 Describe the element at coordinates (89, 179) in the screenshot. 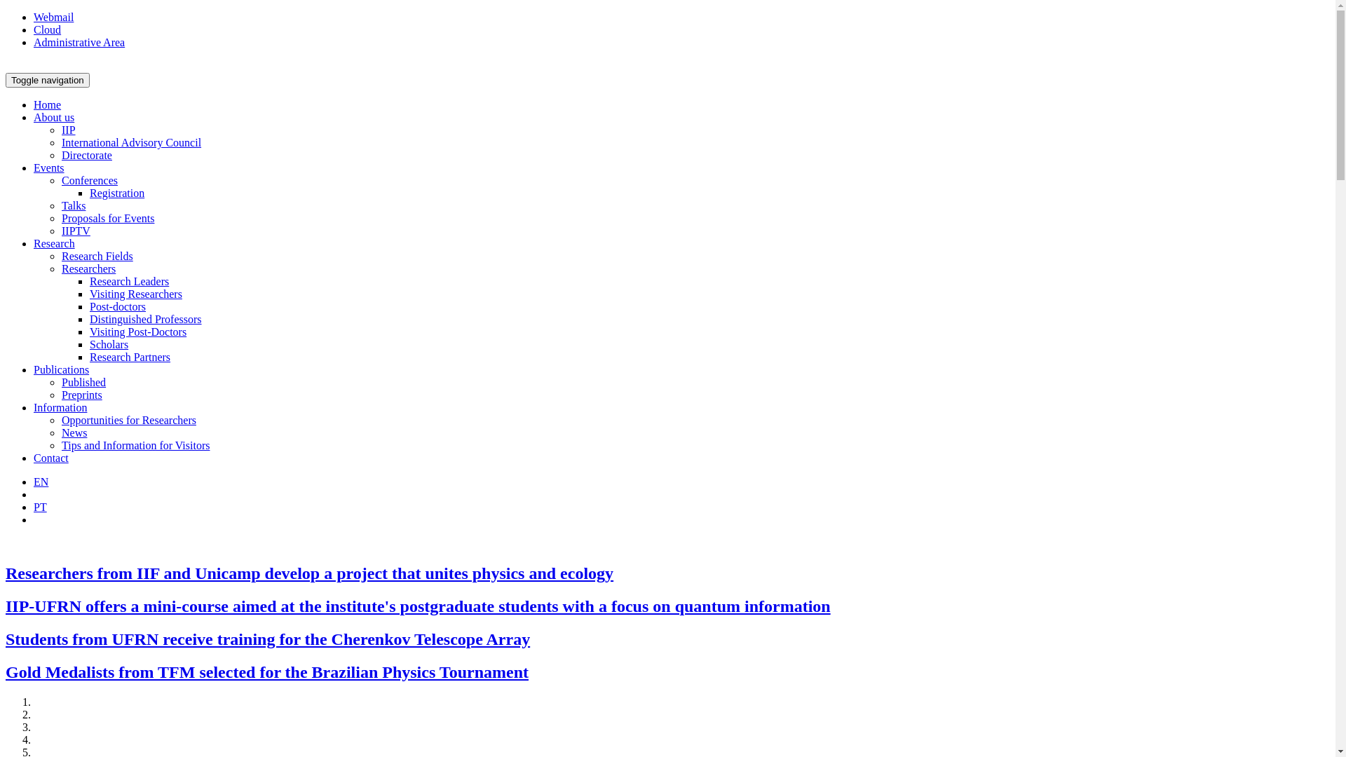

I see `'Conferences'` at that location.